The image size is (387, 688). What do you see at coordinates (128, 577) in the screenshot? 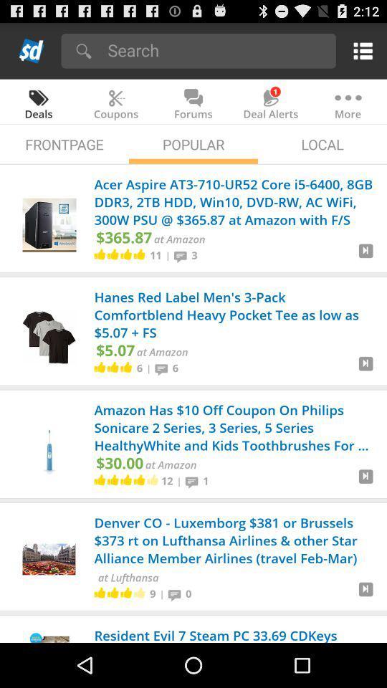
I see `the item above the 9` at bounding box center [128, 577].